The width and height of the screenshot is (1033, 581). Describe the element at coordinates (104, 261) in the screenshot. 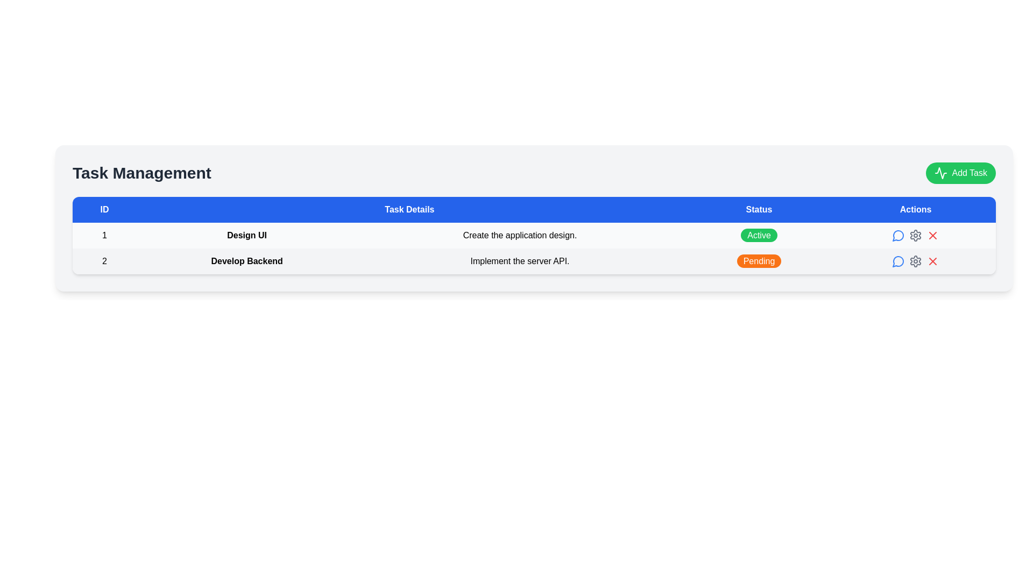

I see `the static text element displaying the number '2' in the ID column of the task table, which is positioned in the second row and has a light gray background` at that location.